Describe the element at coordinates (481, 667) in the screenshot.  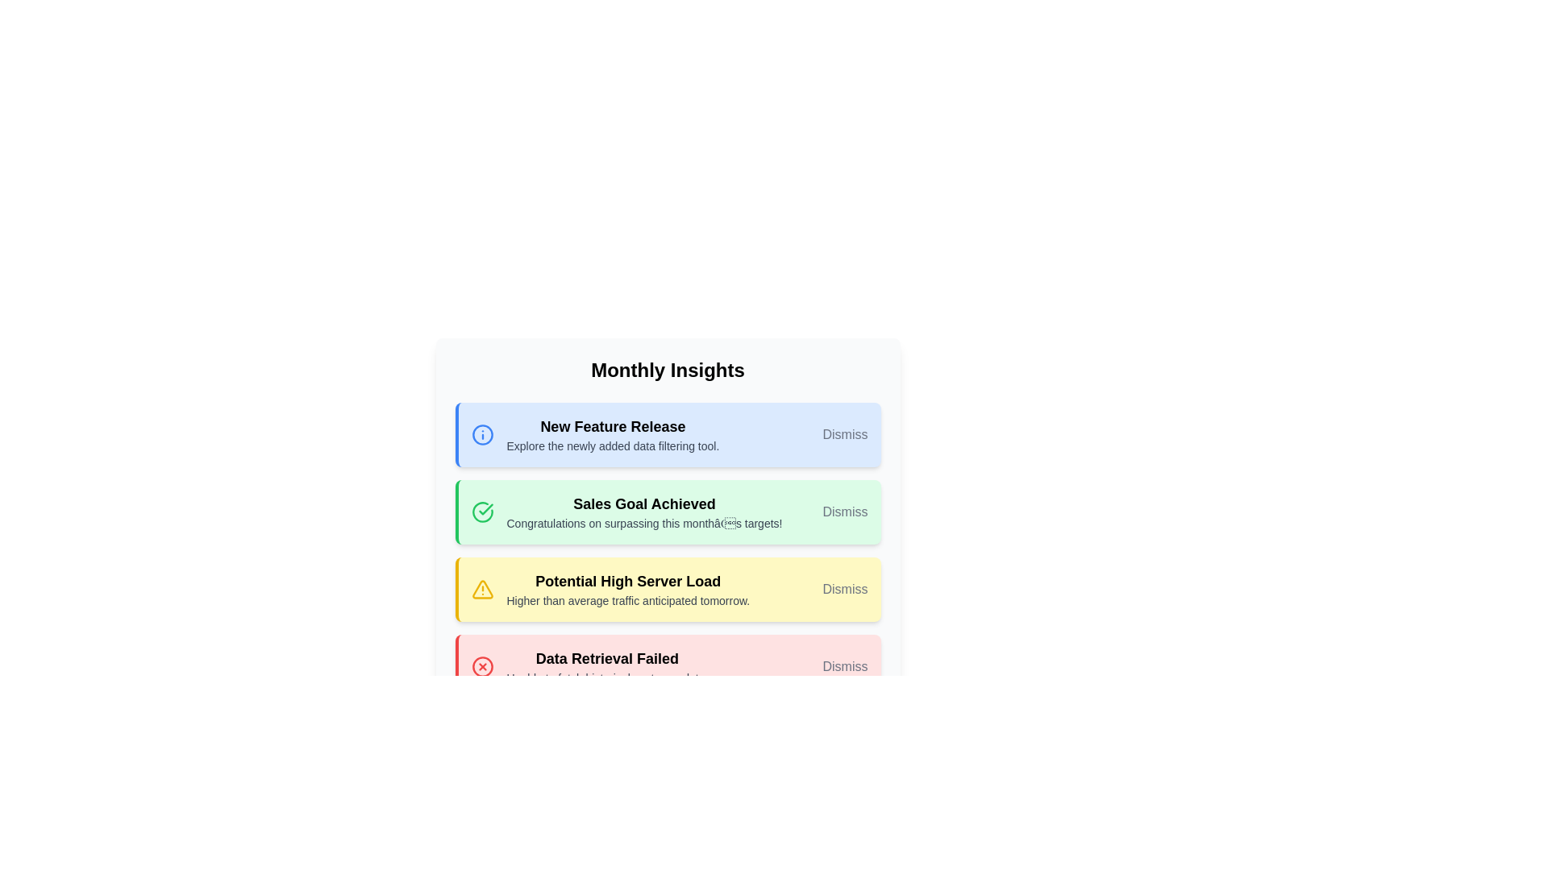
I see `the circular icon with a red border and a red 'X' symbol, indicating an error action, located in the 'Data Retrieval Failed' notification area` at that location.